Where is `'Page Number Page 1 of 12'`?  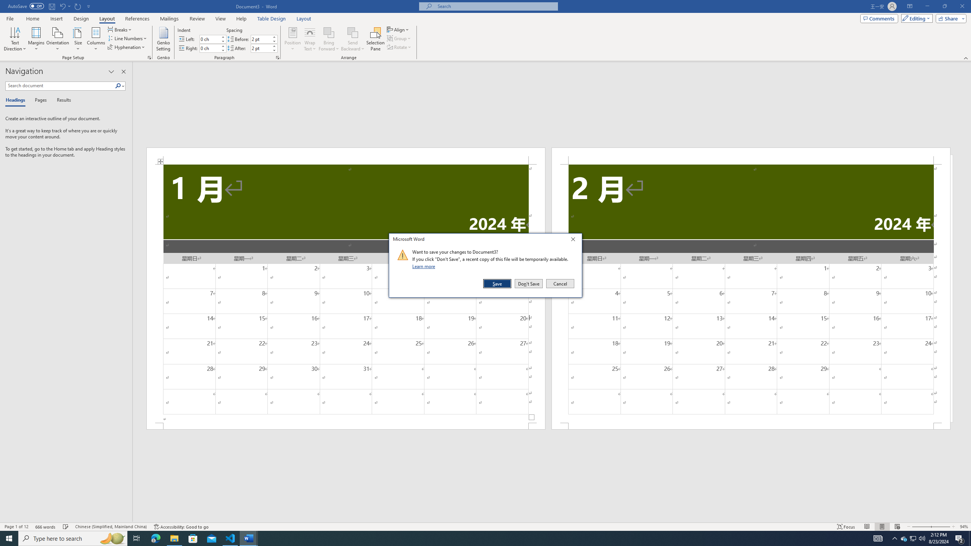
'Page Number Page 1 of 12' is located at coordinates (16, 527).